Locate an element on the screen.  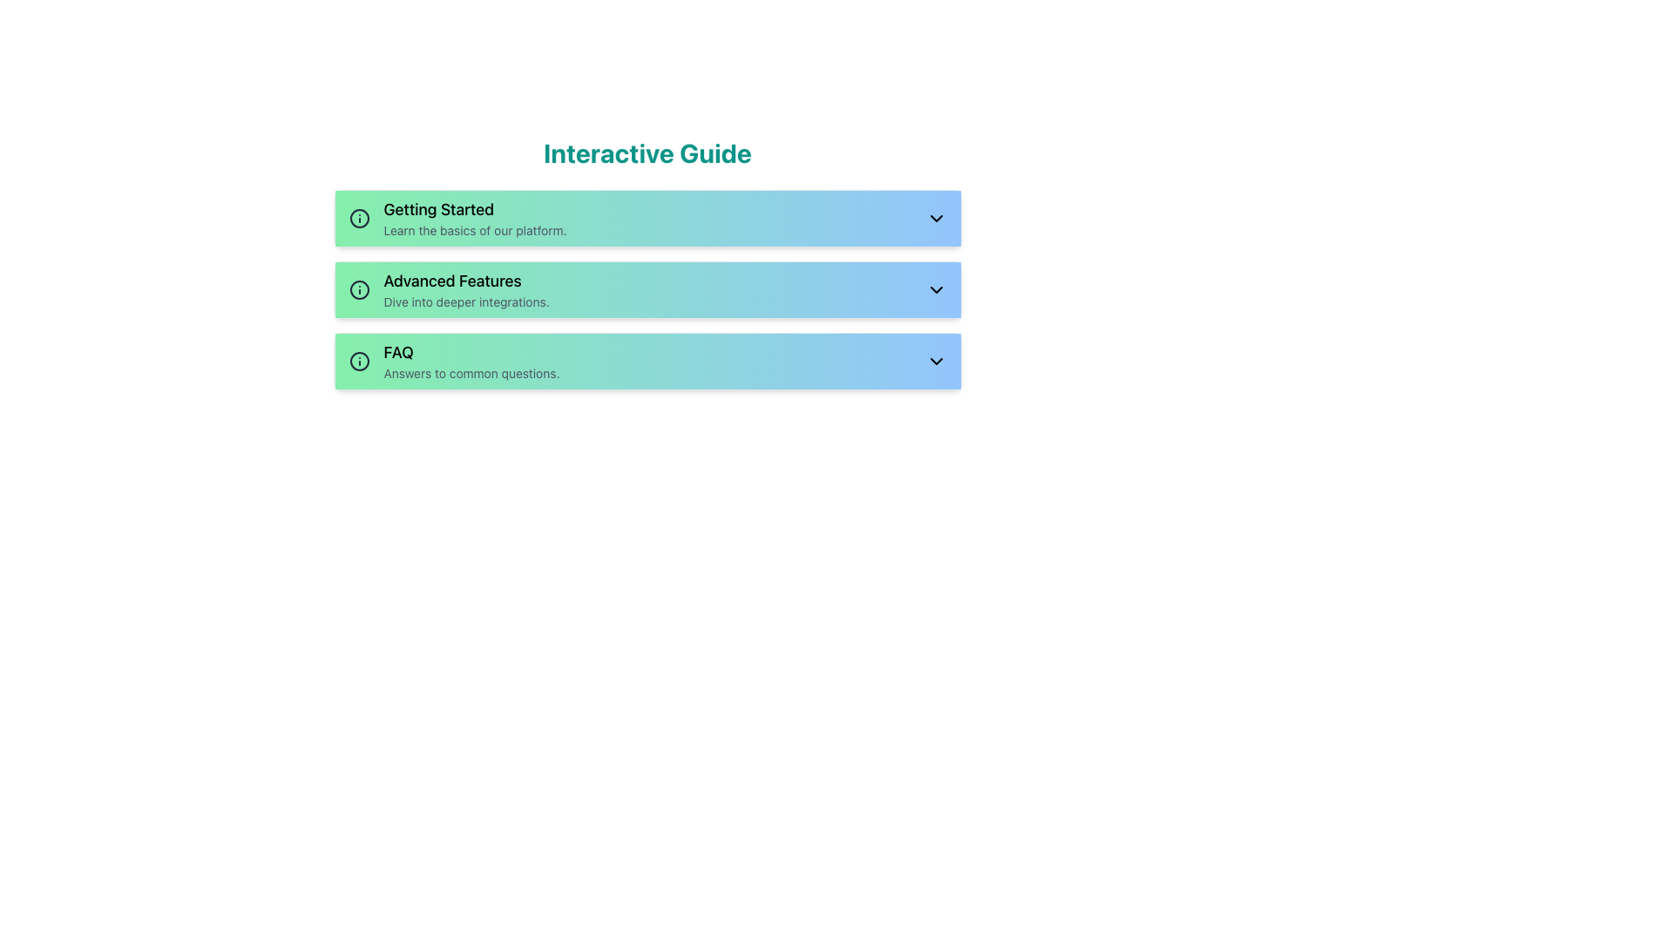
the dropdown arrow icon located at the right edge of the 'Getting Started' section is located at coordinates (935, 217).